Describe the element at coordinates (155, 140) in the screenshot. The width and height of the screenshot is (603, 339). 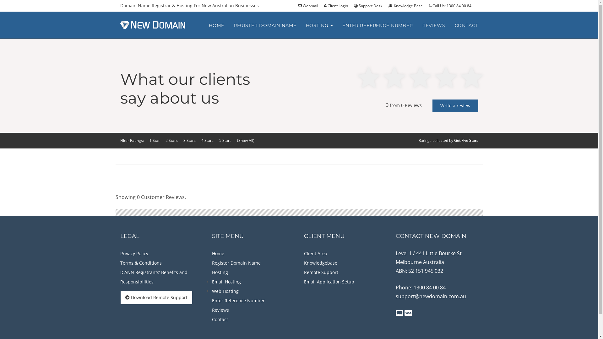
I see `'1 Star'` at that location.